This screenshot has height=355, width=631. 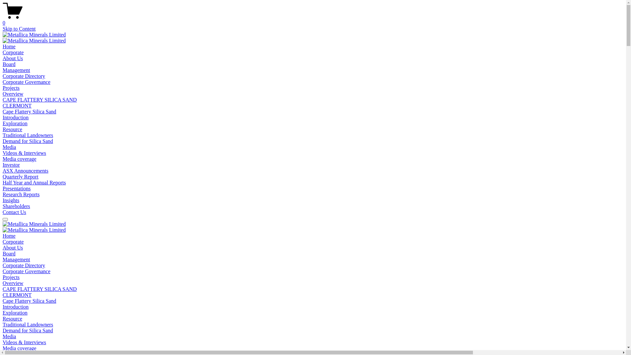 What do you see at coordinates (13, 94) in the screenshot?
I see `'Overview'` at bounding box center [13, 94].